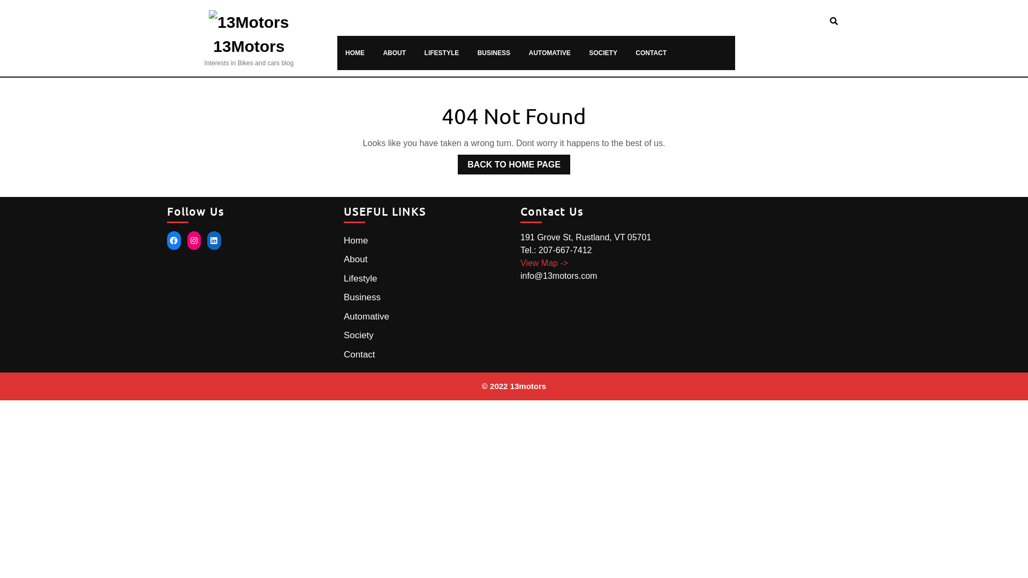  What do you see at coordinates (360, 278) in the screenshot?
I see `'Lifestyle'` at bounding box center [360, 278].